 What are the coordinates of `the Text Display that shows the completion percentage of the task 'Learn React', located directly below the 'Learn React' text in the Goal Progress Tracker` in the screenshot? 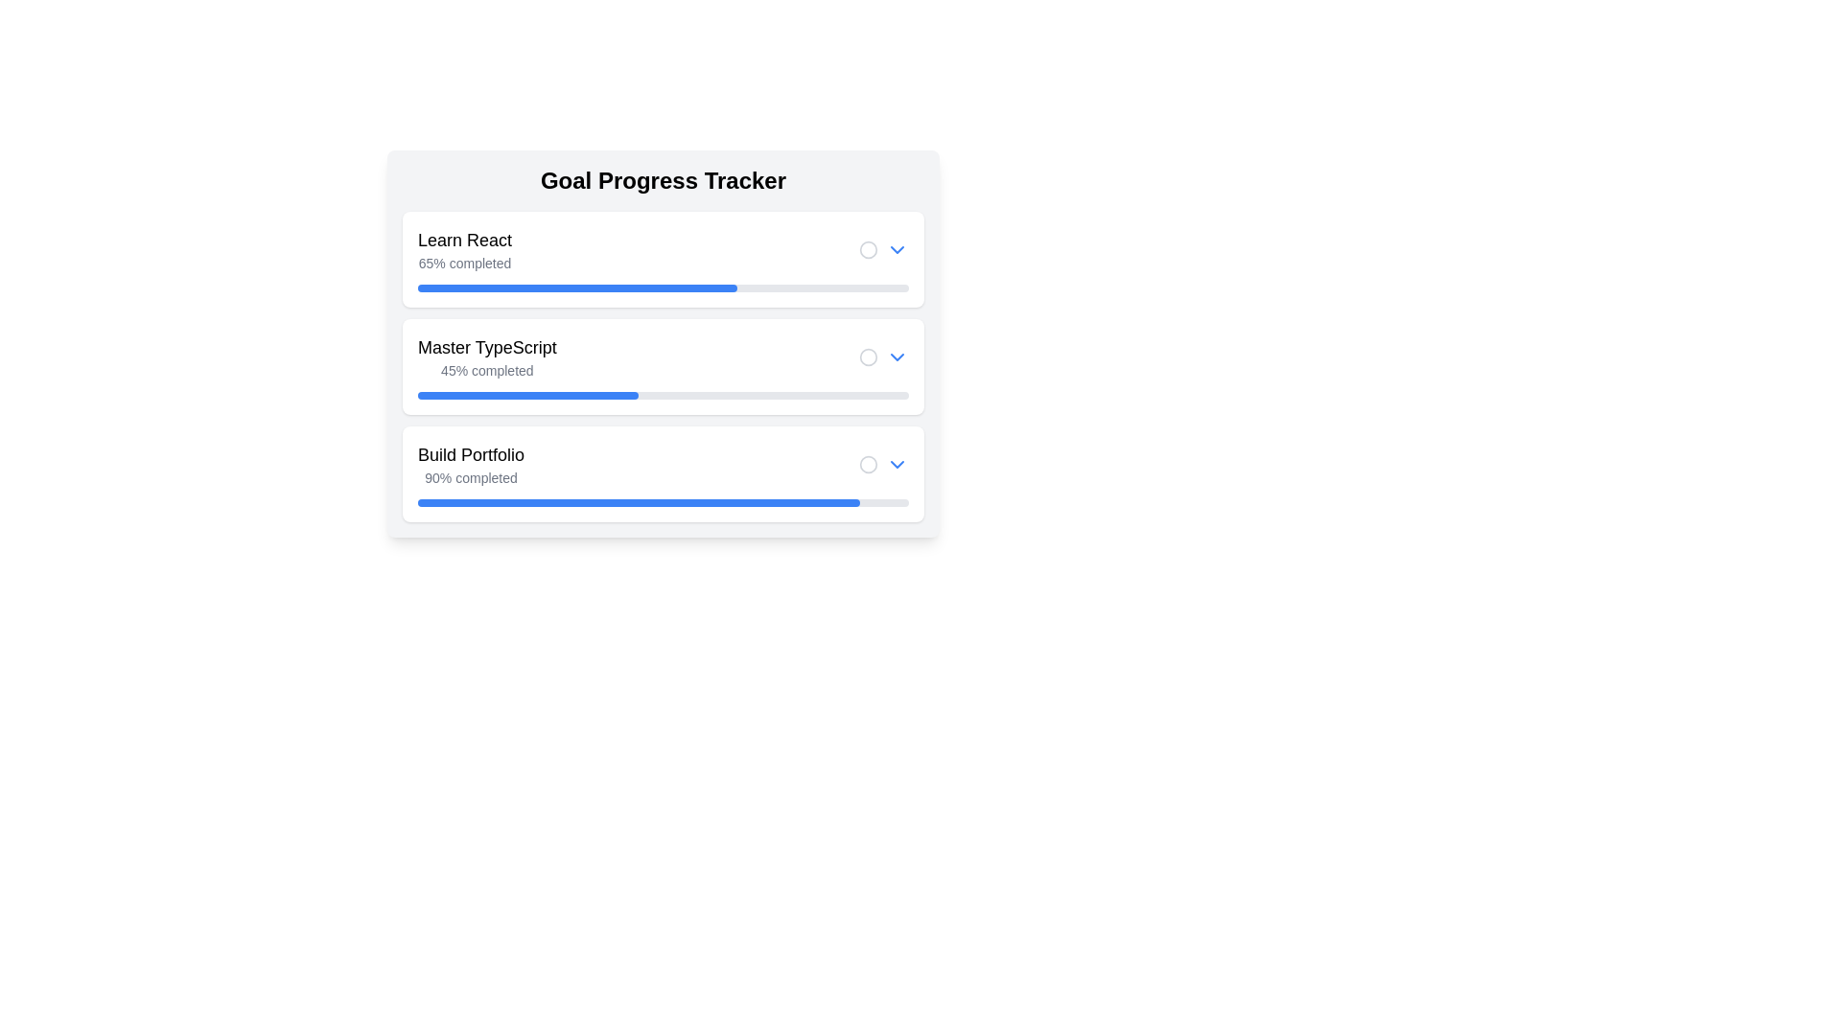 It's located at (464, 263).